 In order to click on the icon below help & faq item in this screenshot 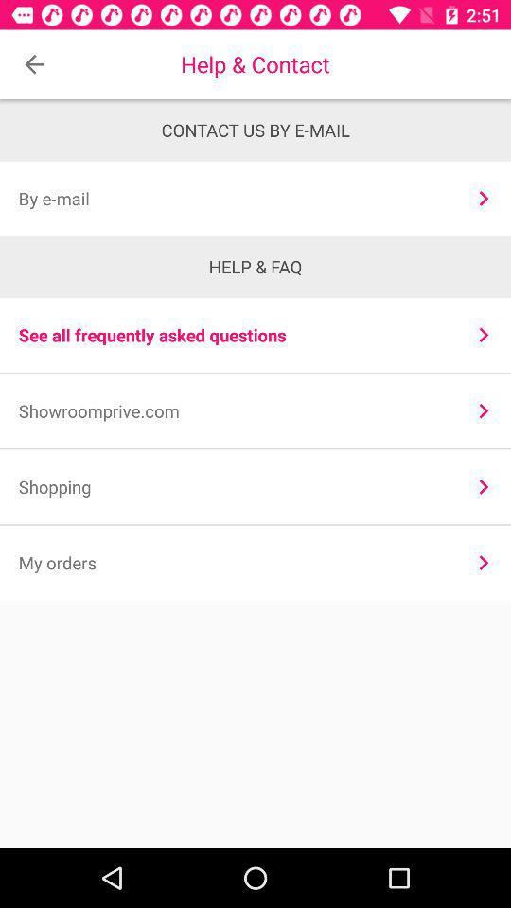, I will do `click(484, 335)`.